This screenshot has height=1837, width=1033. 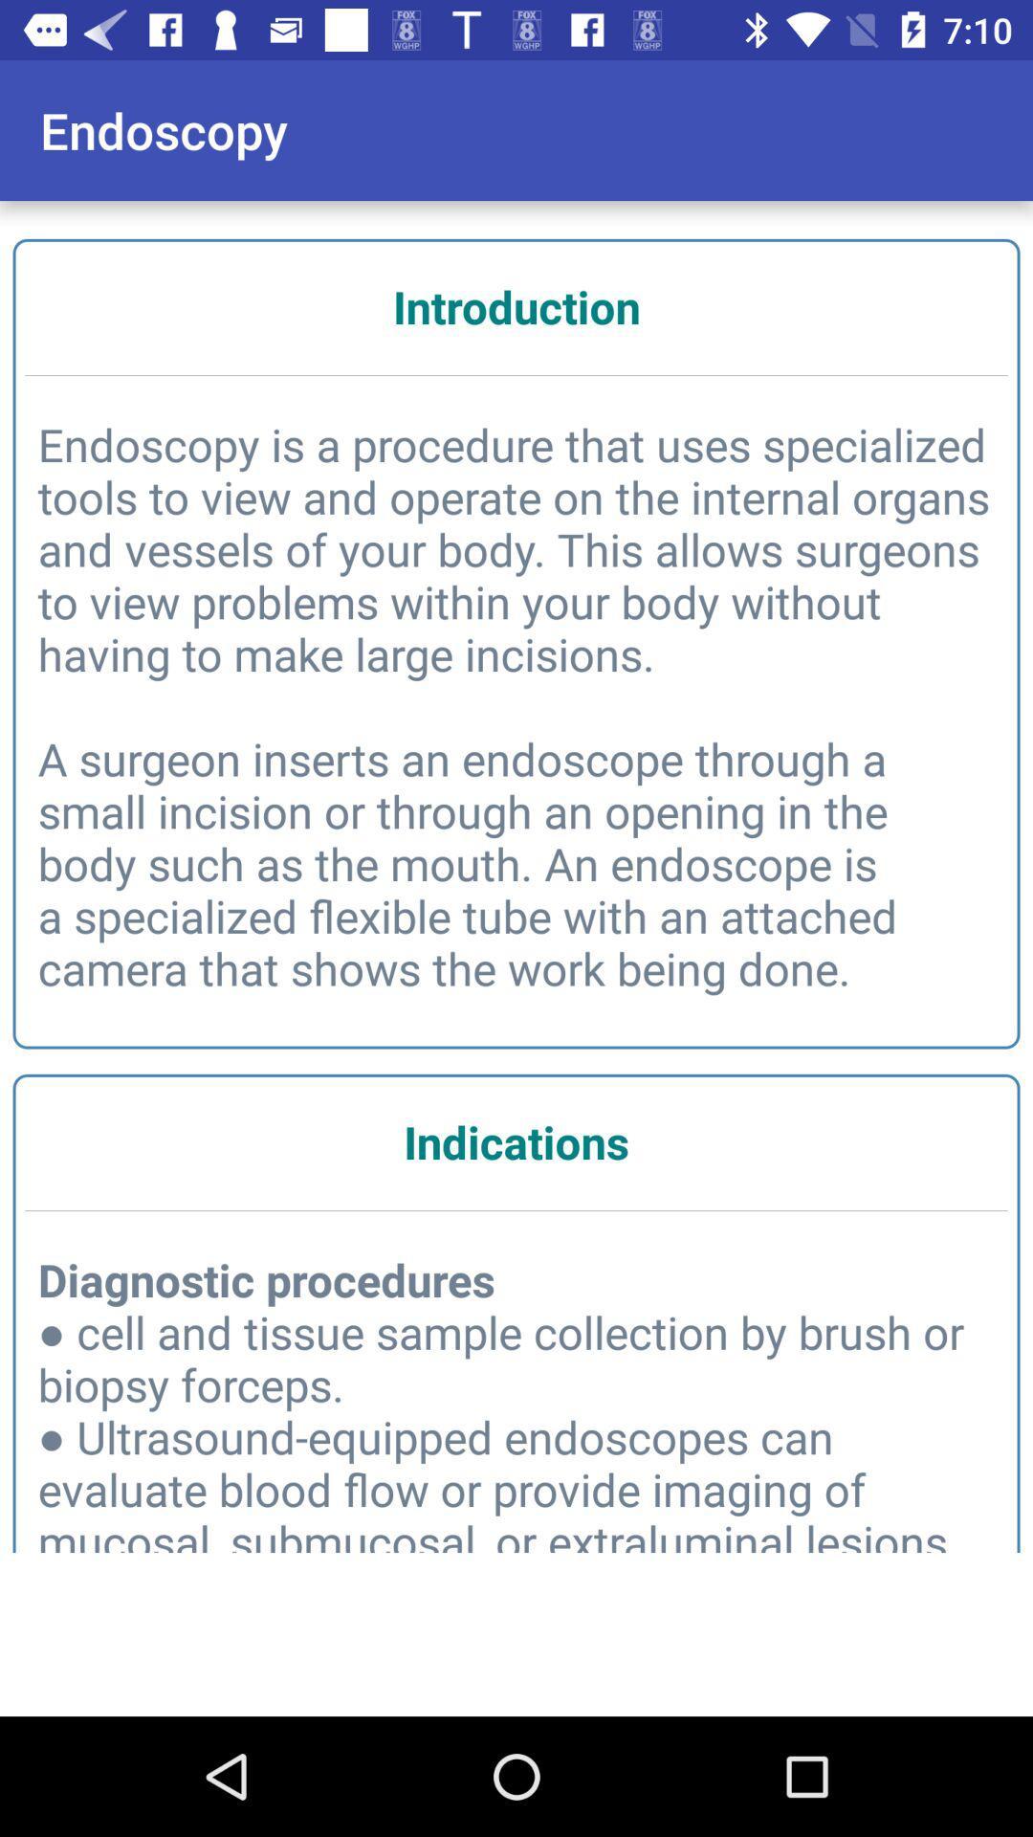 I want to click on introduction icon, so click(x=516, y=306).